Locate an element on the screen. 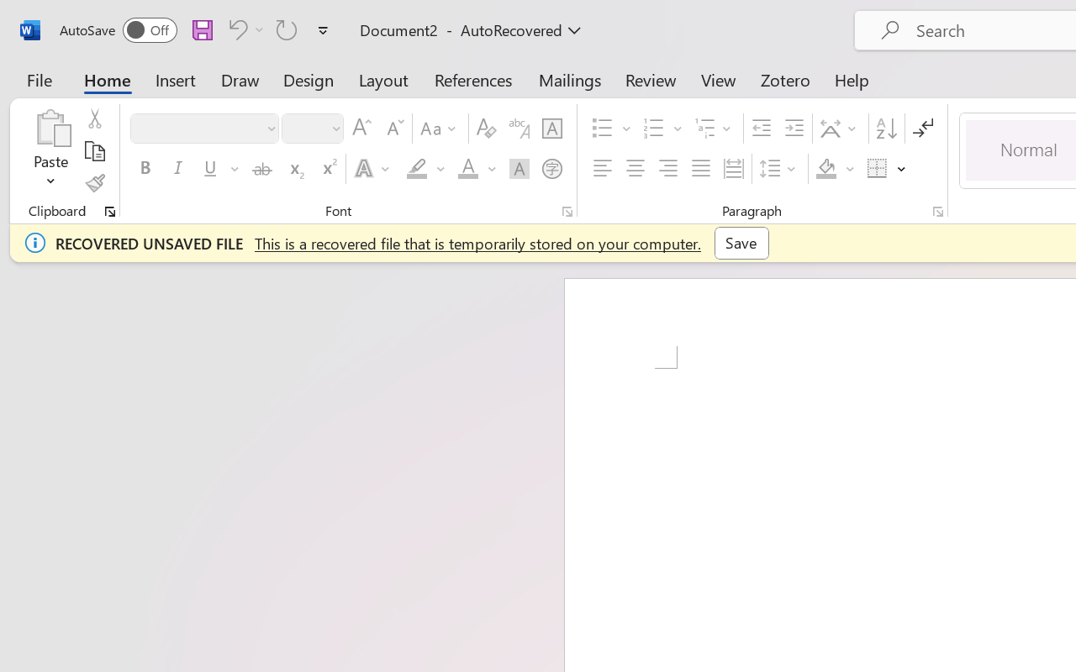  'Italic' is located at coordinates (178, 169).